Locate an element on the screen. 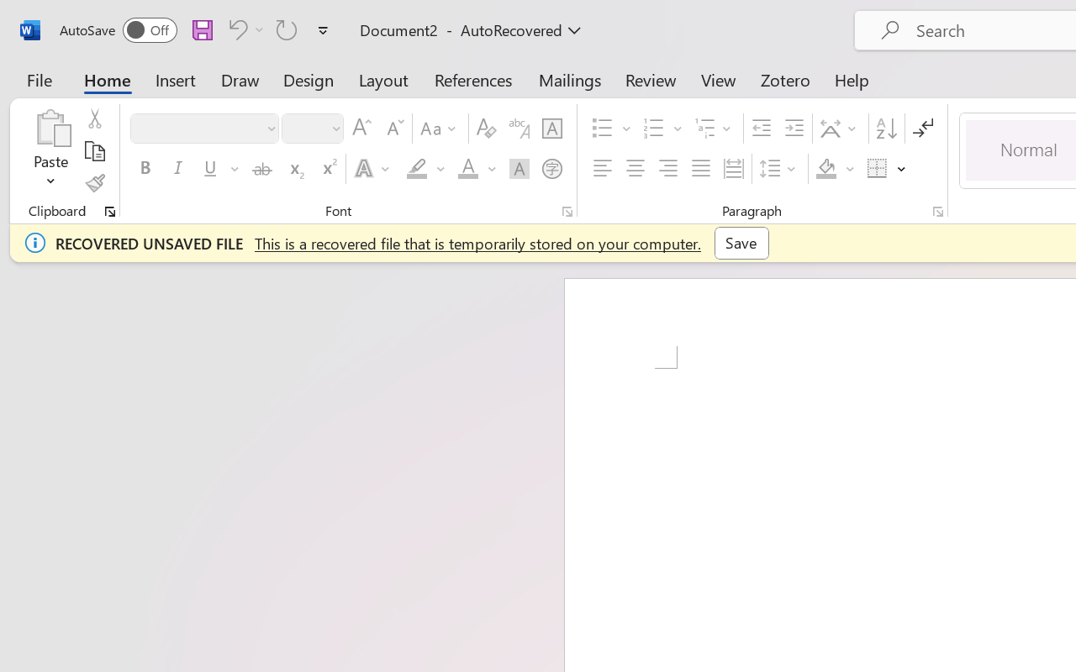  'Italic' is located at coordinates (178, 169).